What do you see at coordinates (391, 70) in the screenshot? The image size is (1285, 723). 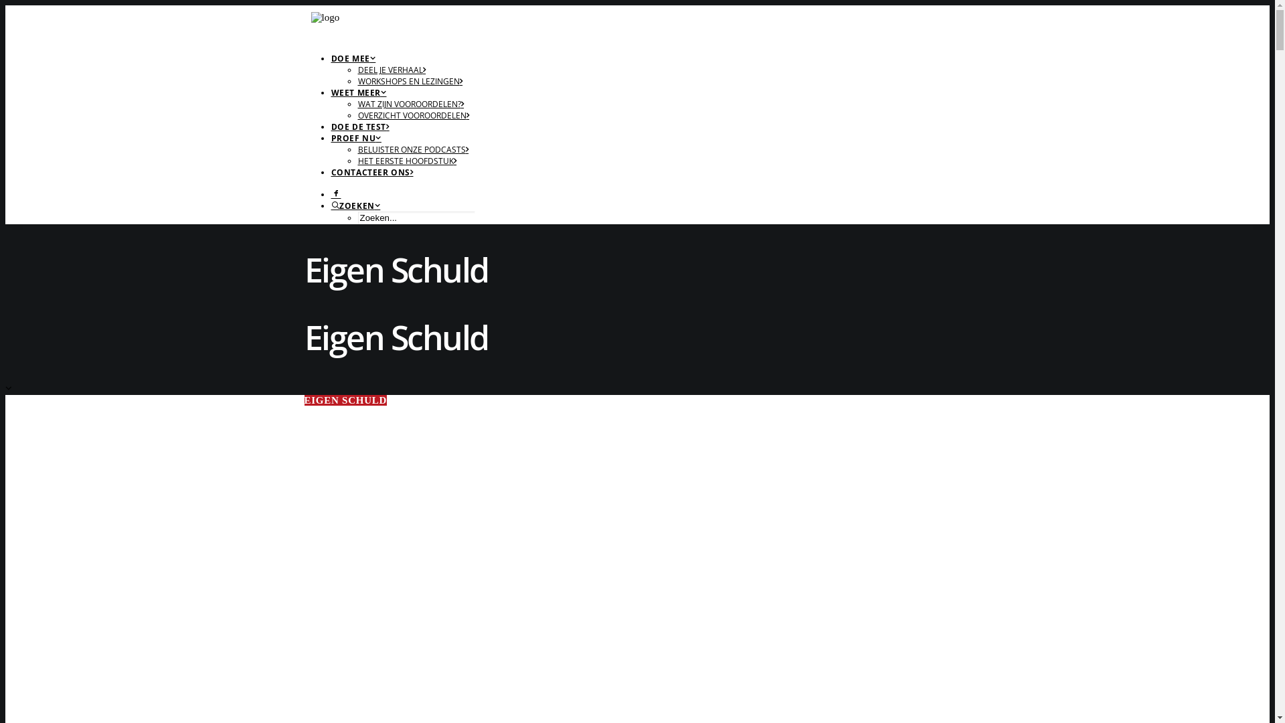 I see `'DEEL JE VERHAAL'` at bounding box center [391, 70].